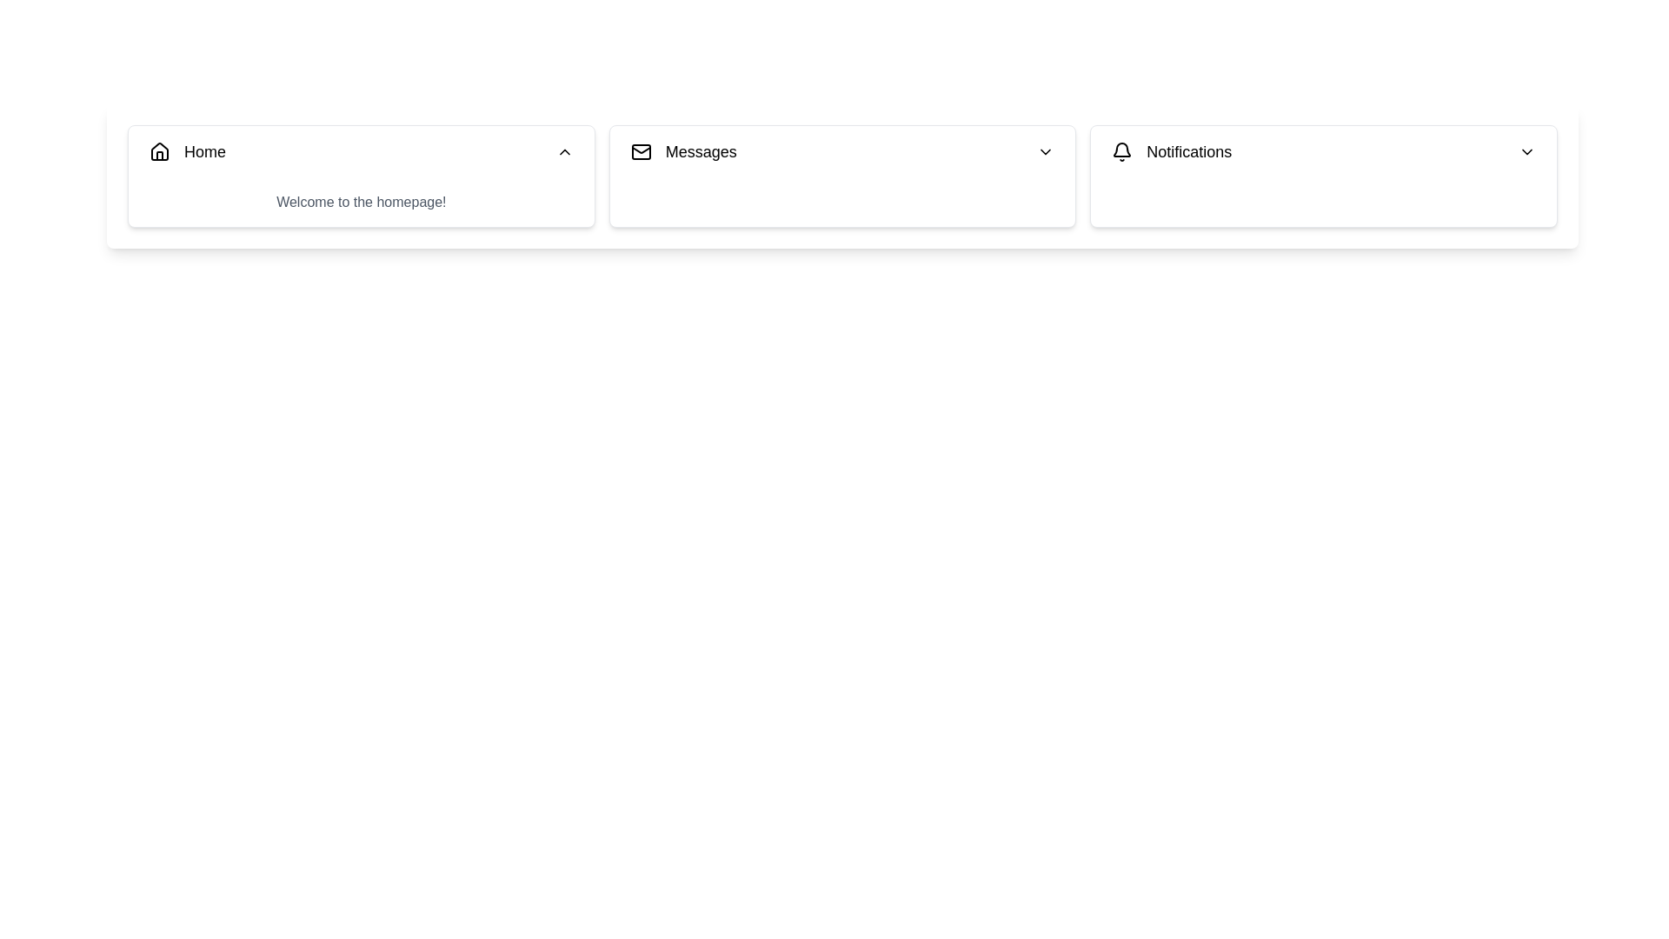 The image size is (1669, 939). What do you see at coordinates (640, 150) in the screenshot?
I see `the stylized envelope shape mail icon located in the center of the 'Messages' panel in the horizontal navigation menu` at bounding box center [640, 150].